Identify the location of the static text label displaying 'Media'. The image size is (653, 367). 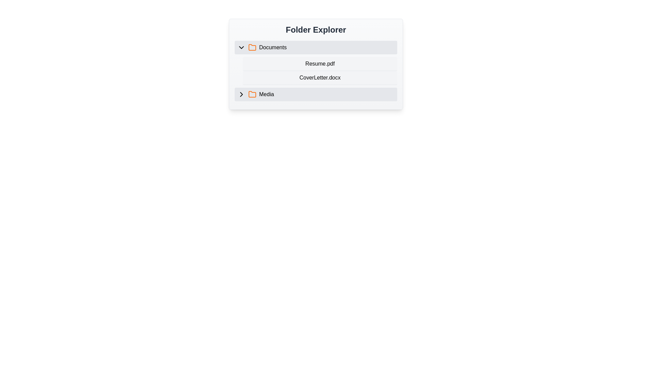
(266, 94).